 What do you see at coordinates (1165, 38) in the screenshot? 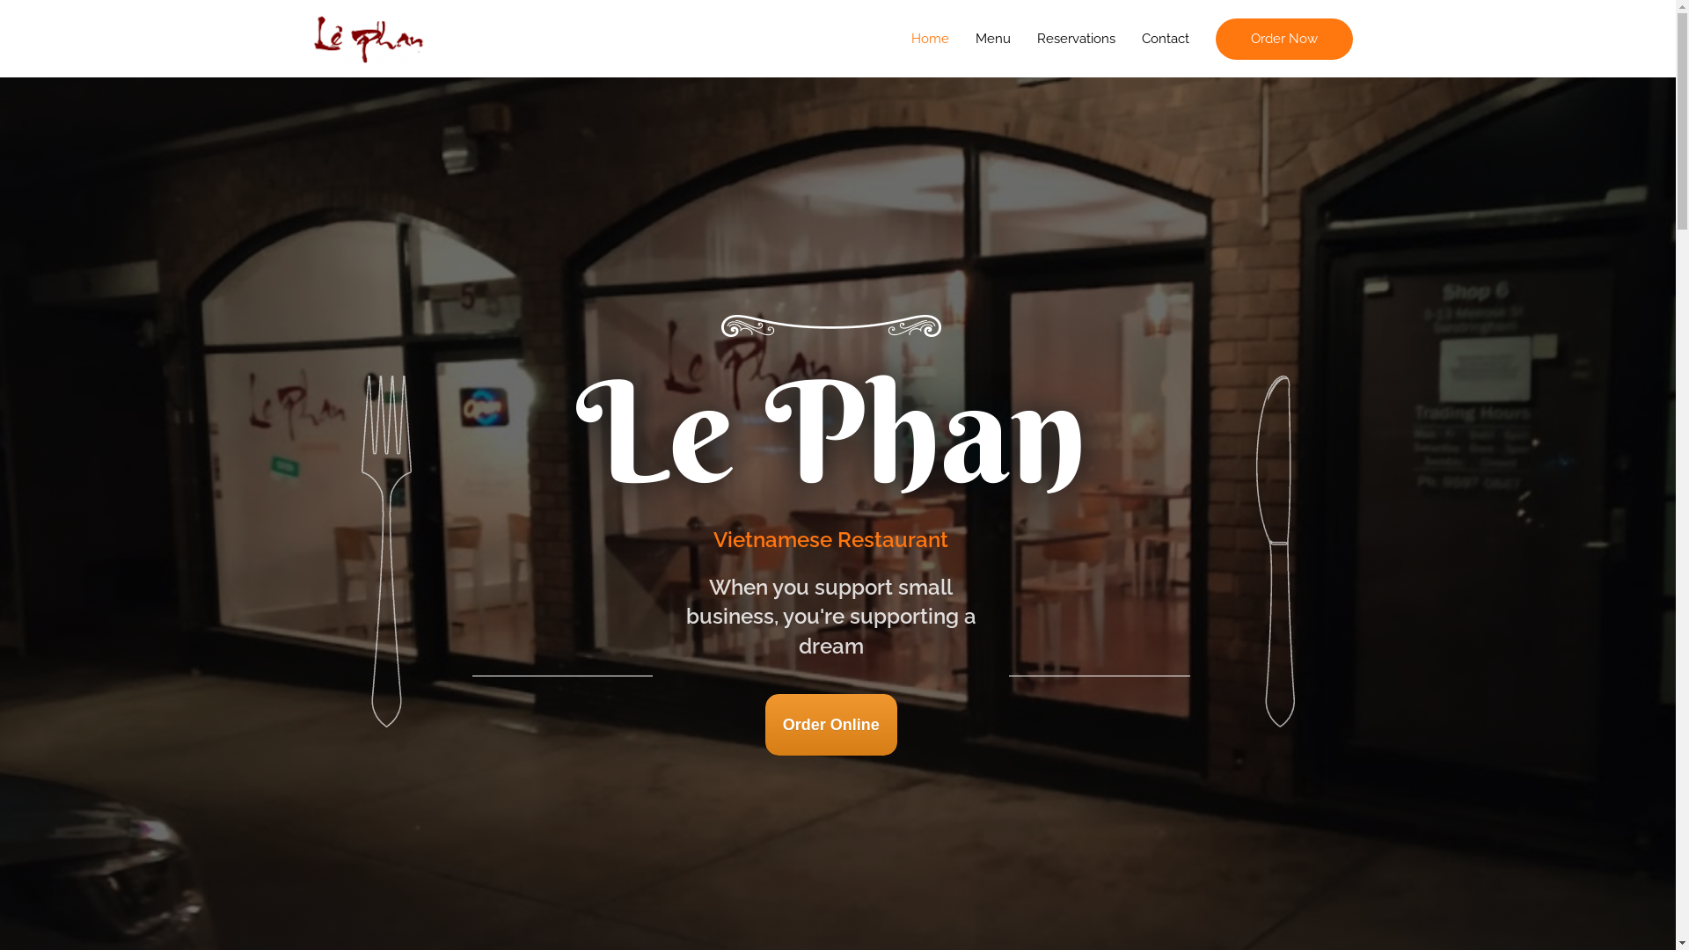
I see `'Contact'` at bounding box center [1165, 38].